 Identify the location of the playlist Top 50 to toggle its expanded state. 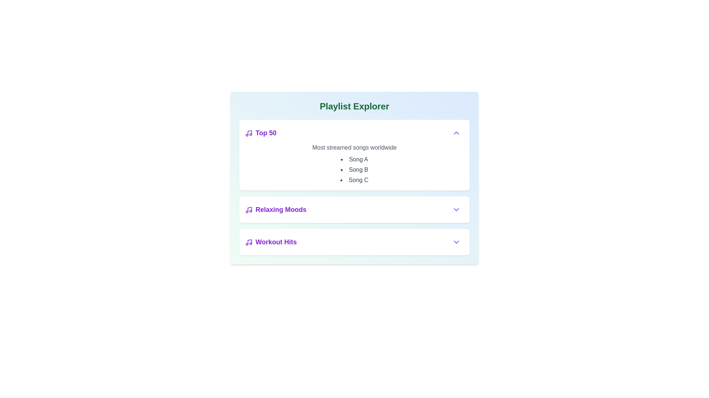
(260, 133).